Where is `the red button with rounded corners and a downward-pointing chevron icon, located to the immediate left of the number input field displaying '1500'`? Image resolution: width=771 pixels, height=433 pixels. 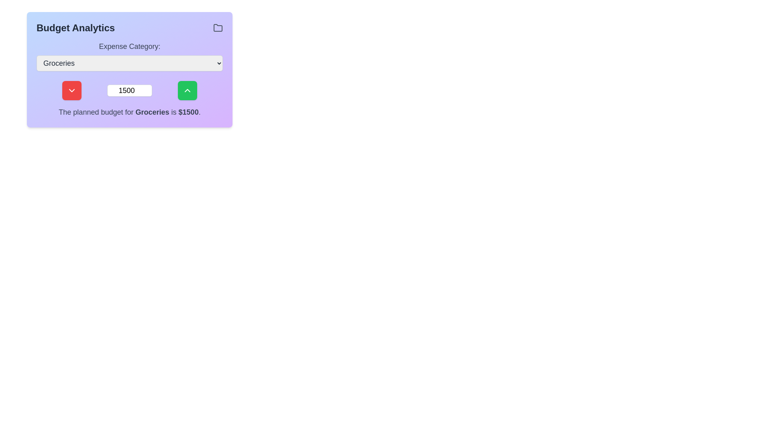 the red button with rounded corners and a downward-pointing chevron icon, located to the immediate left of the number input field displaying '1500' is located at coordinates (71, 90).